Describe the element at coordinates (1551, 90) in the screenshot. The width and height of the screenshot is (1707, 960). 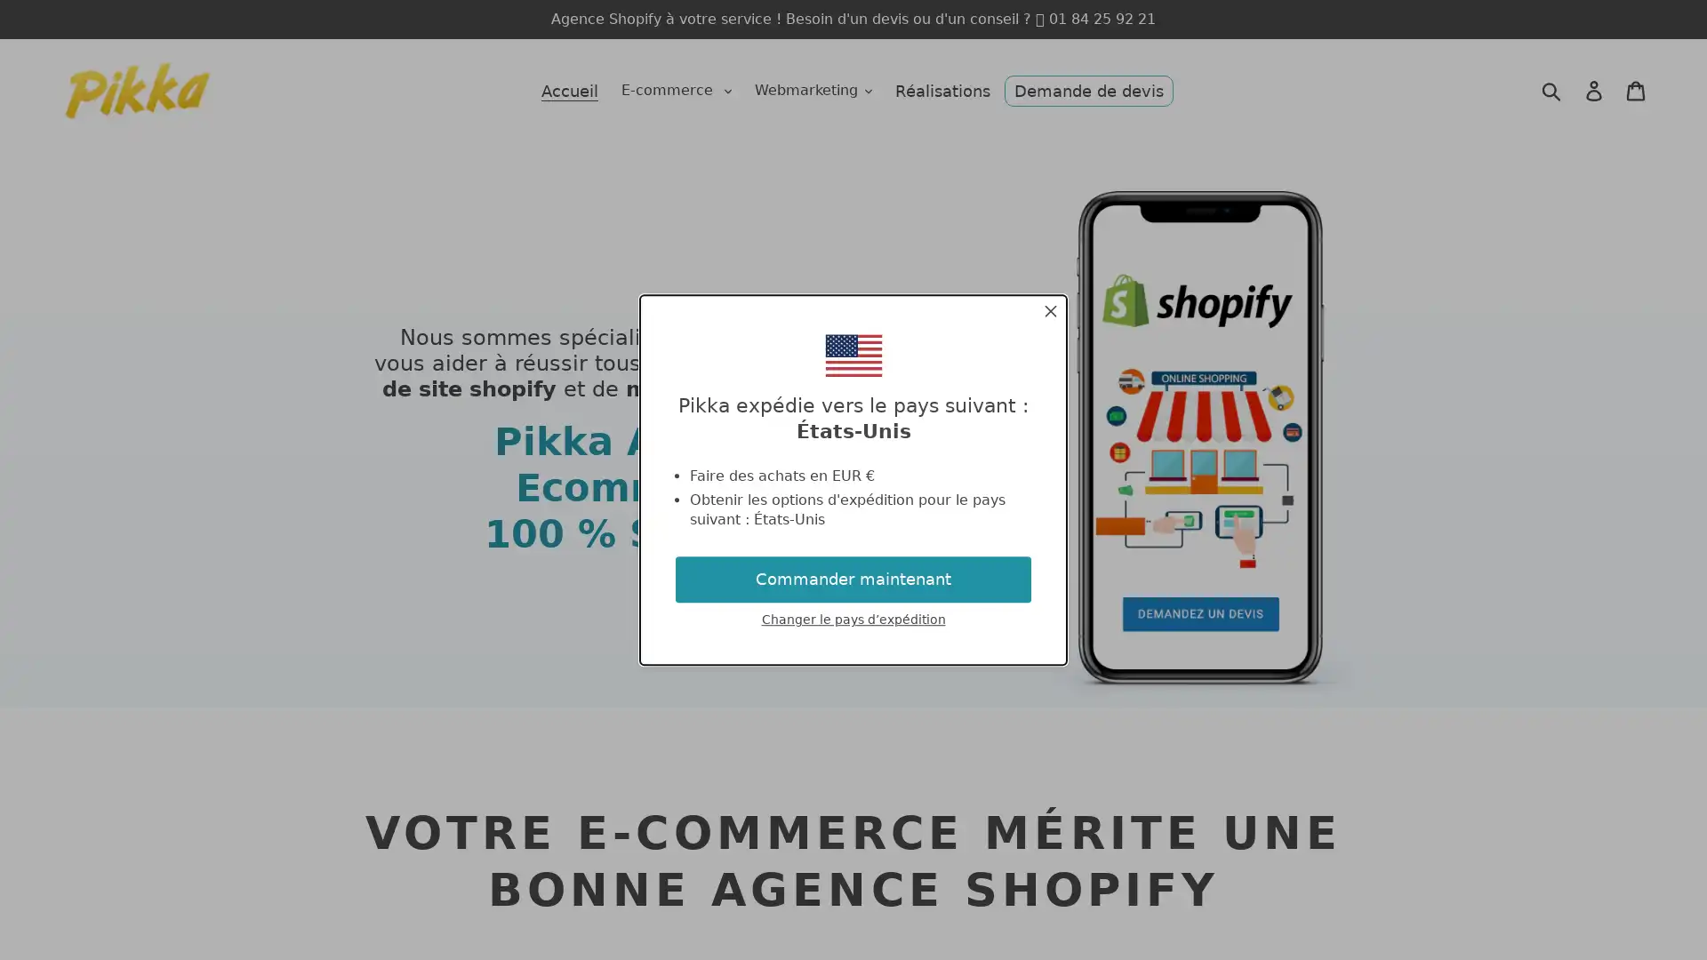
I see `Soumettre` at that location.